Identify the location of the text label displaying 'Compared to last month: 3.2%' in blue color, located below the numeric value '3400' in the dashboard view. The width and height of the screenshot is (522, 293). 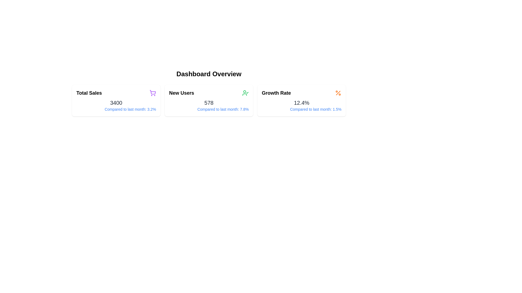
(116, 109).